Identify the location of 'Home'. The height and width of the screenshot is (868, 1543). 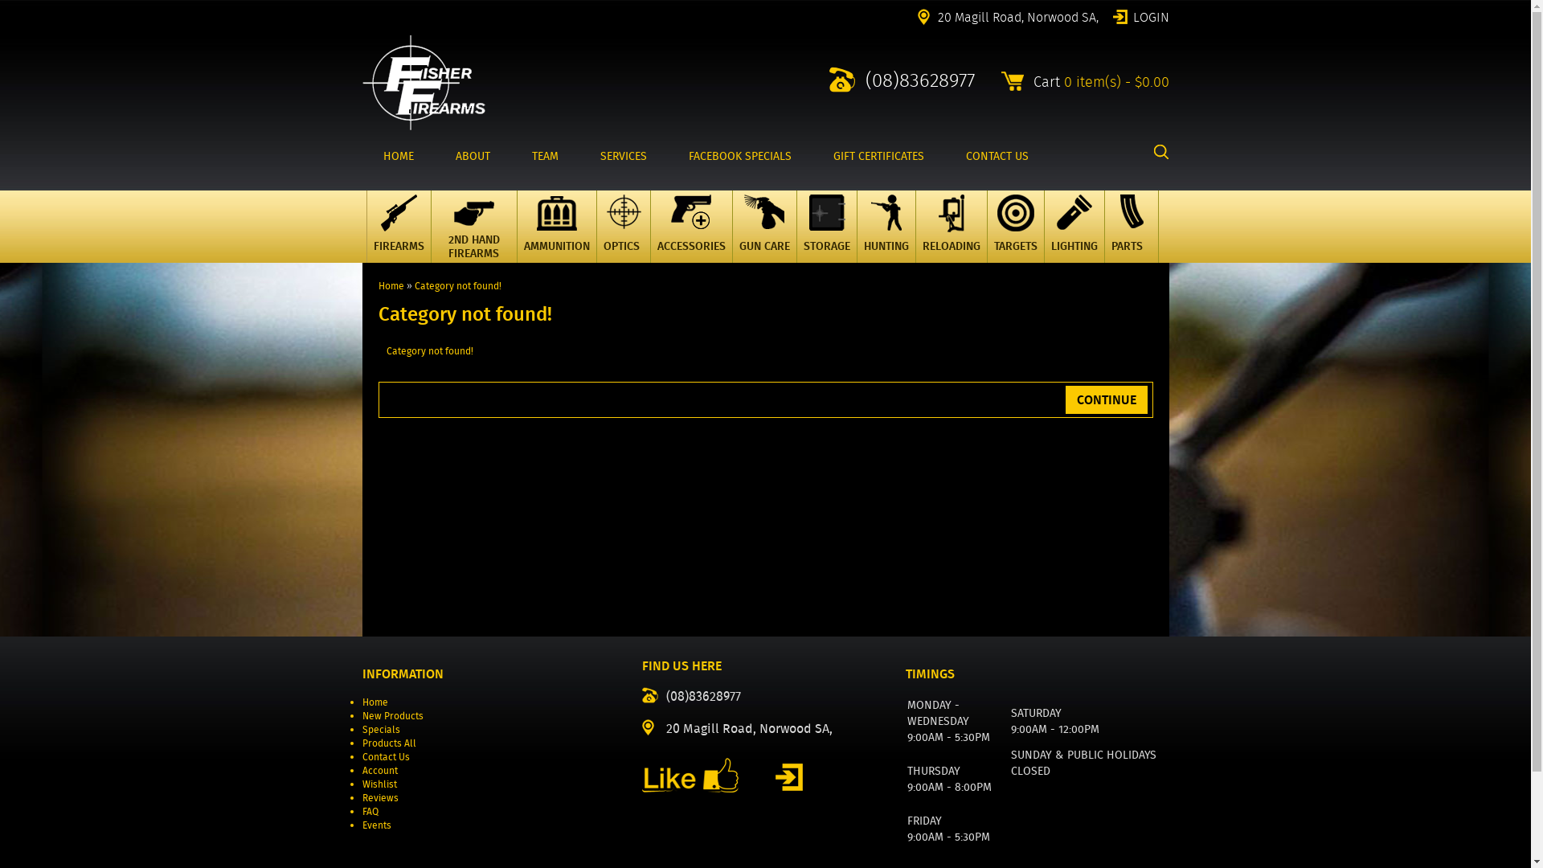
(373, 701).